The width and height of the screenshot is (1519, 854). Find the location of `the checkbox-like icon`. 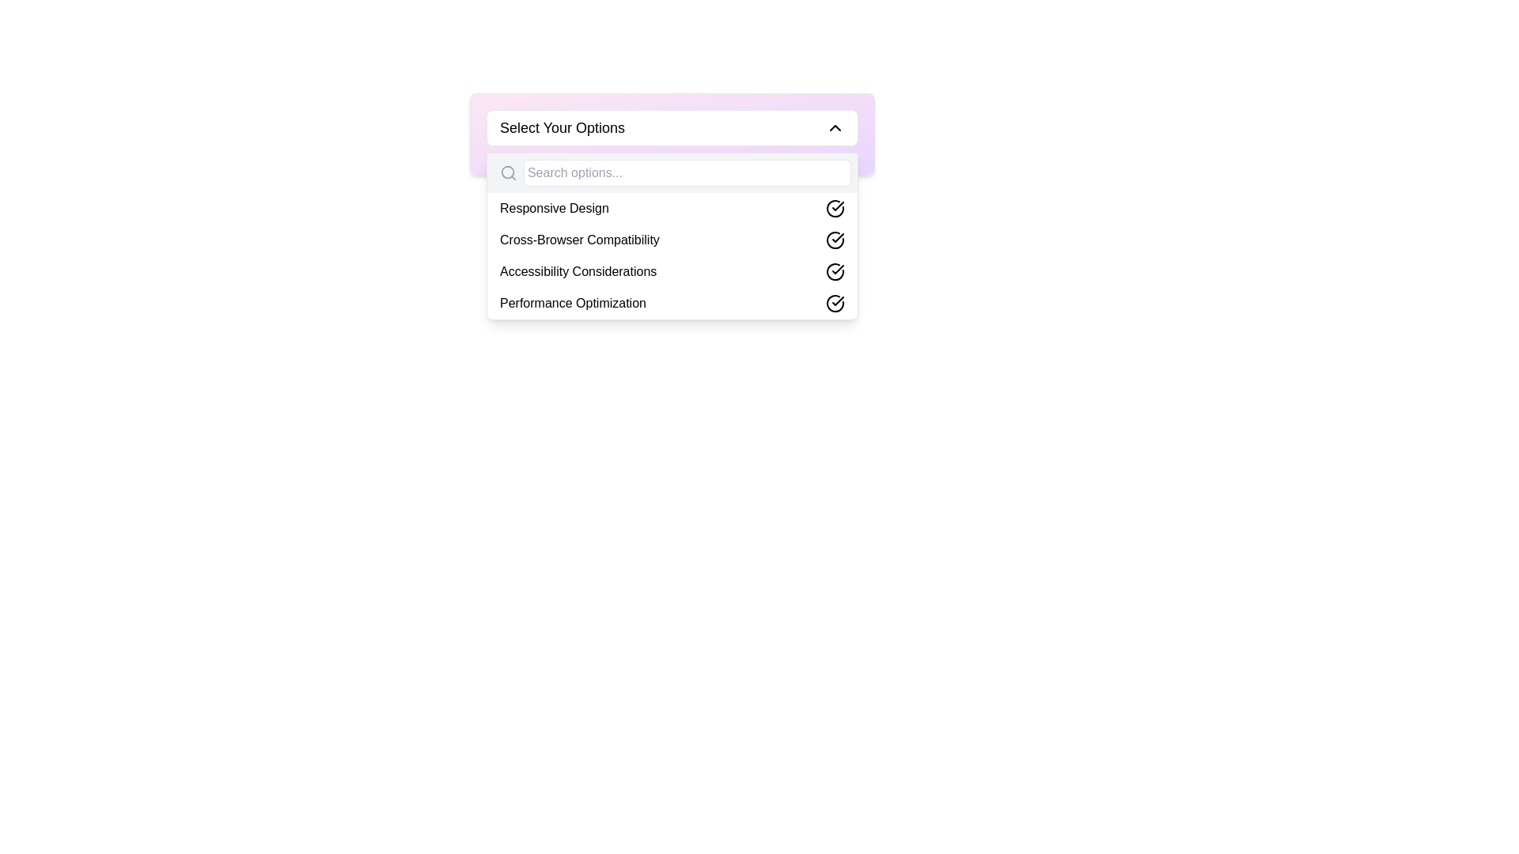

the checkbox-like icon is located at coordinates (835, 207).